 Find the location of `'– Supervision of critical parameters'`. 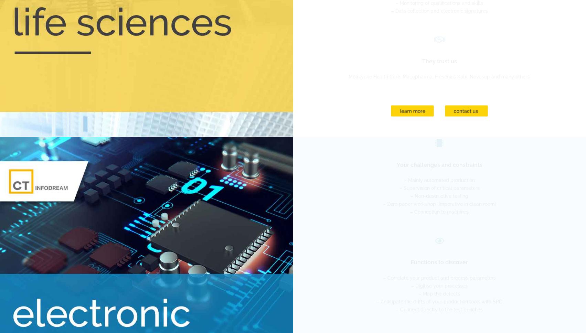

'– Supervision of critical parameters' is located at coordinates (439, 188).